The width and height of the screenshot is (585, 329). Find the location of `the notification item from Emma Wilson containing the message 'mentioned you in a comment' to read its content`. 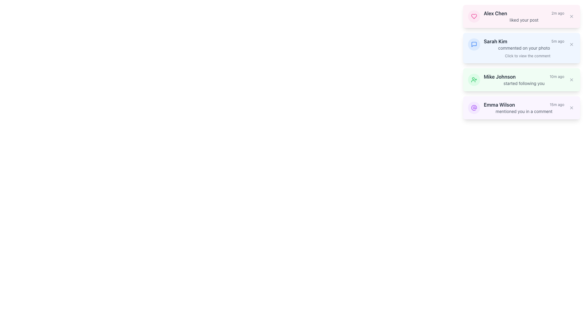

the notification item from Emma Wilson containing the message 'mentioned you in a comment' to read its content is located at coordinates (523, 108).